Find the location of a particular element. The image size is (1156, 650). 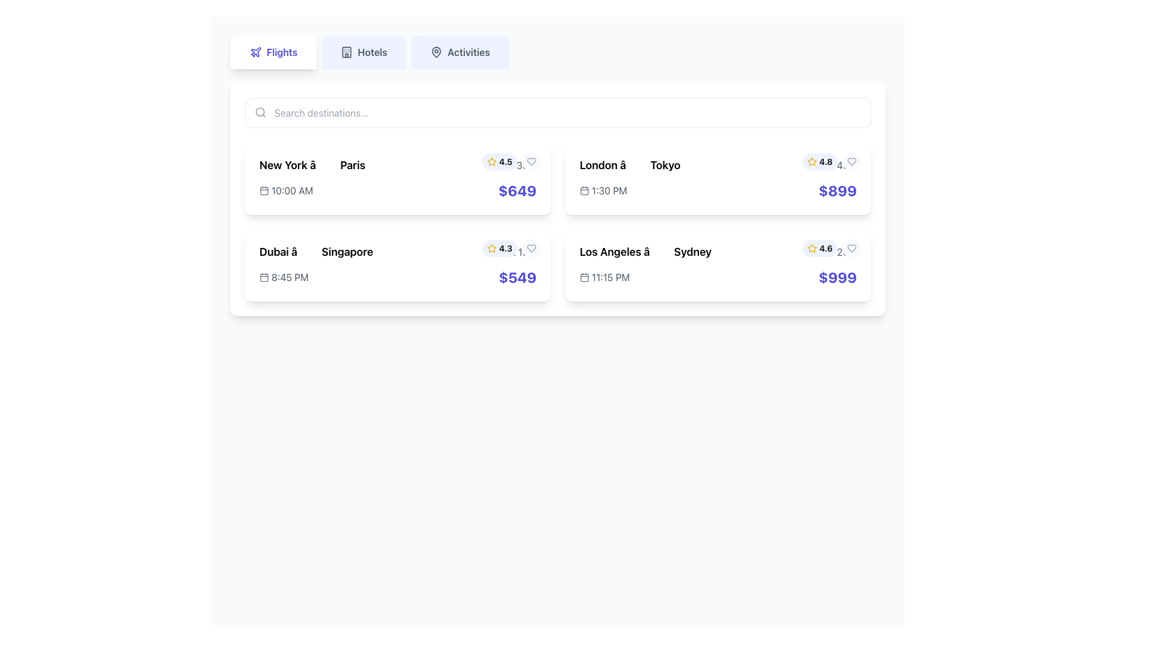

the bold text label displaying the price '$549' in indigo blue color is located at coordinates (517, 277).